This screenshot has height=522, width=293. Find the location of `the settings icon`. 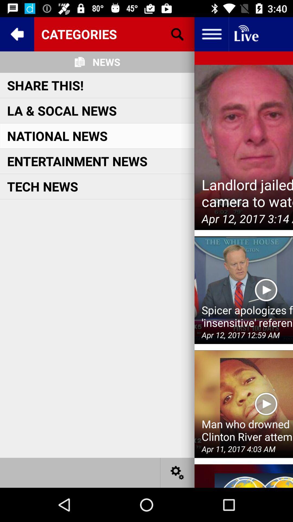

the settings icon is located at coordinates (177, 472).